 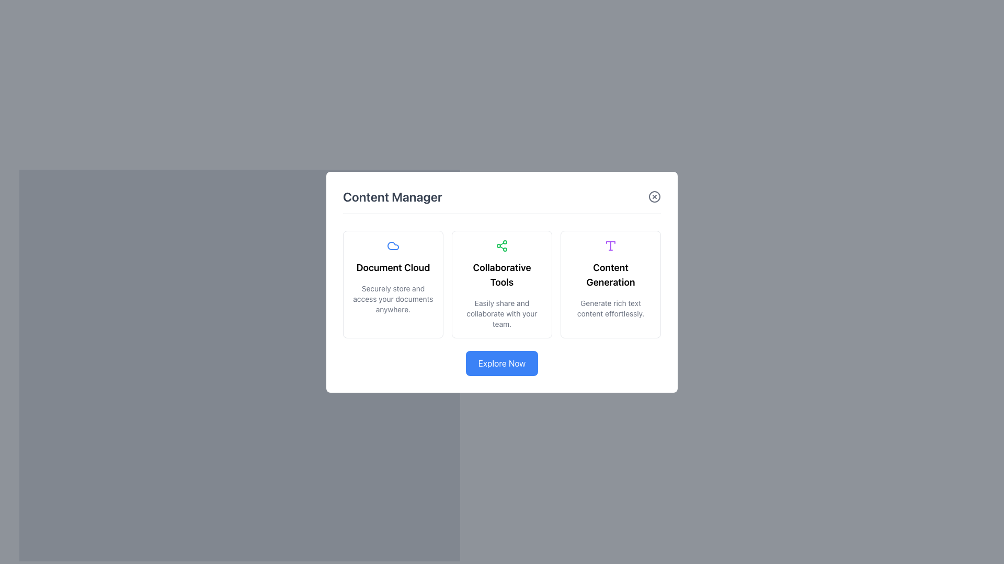 What do you see at coordinates (502, 284) in the screenshot?
I see `the Informational Card titled 'Collaborative Tools' which contains a sharing symbol icon in green and descriptive text about sharing and collaboration` at bounding box center [502, 284].